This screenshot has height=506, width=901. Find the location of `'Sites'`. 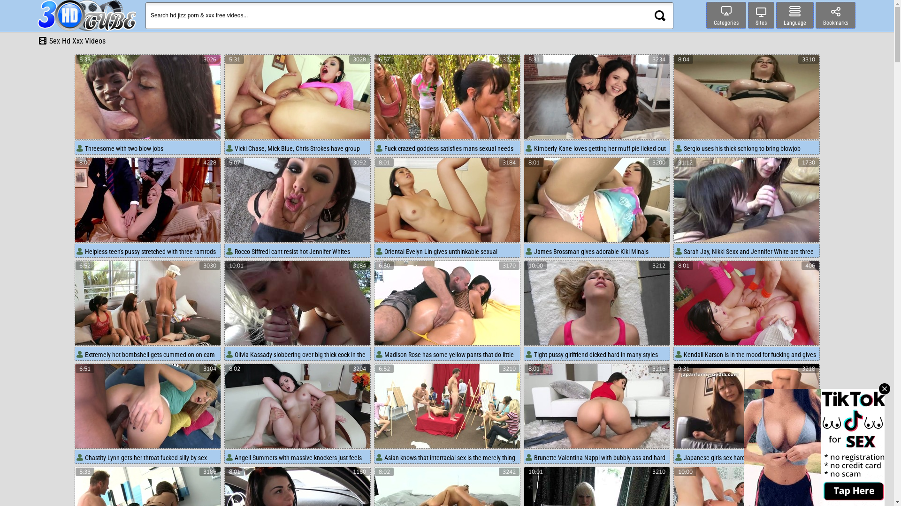

'Sites' is located at coordinates (747, 15).